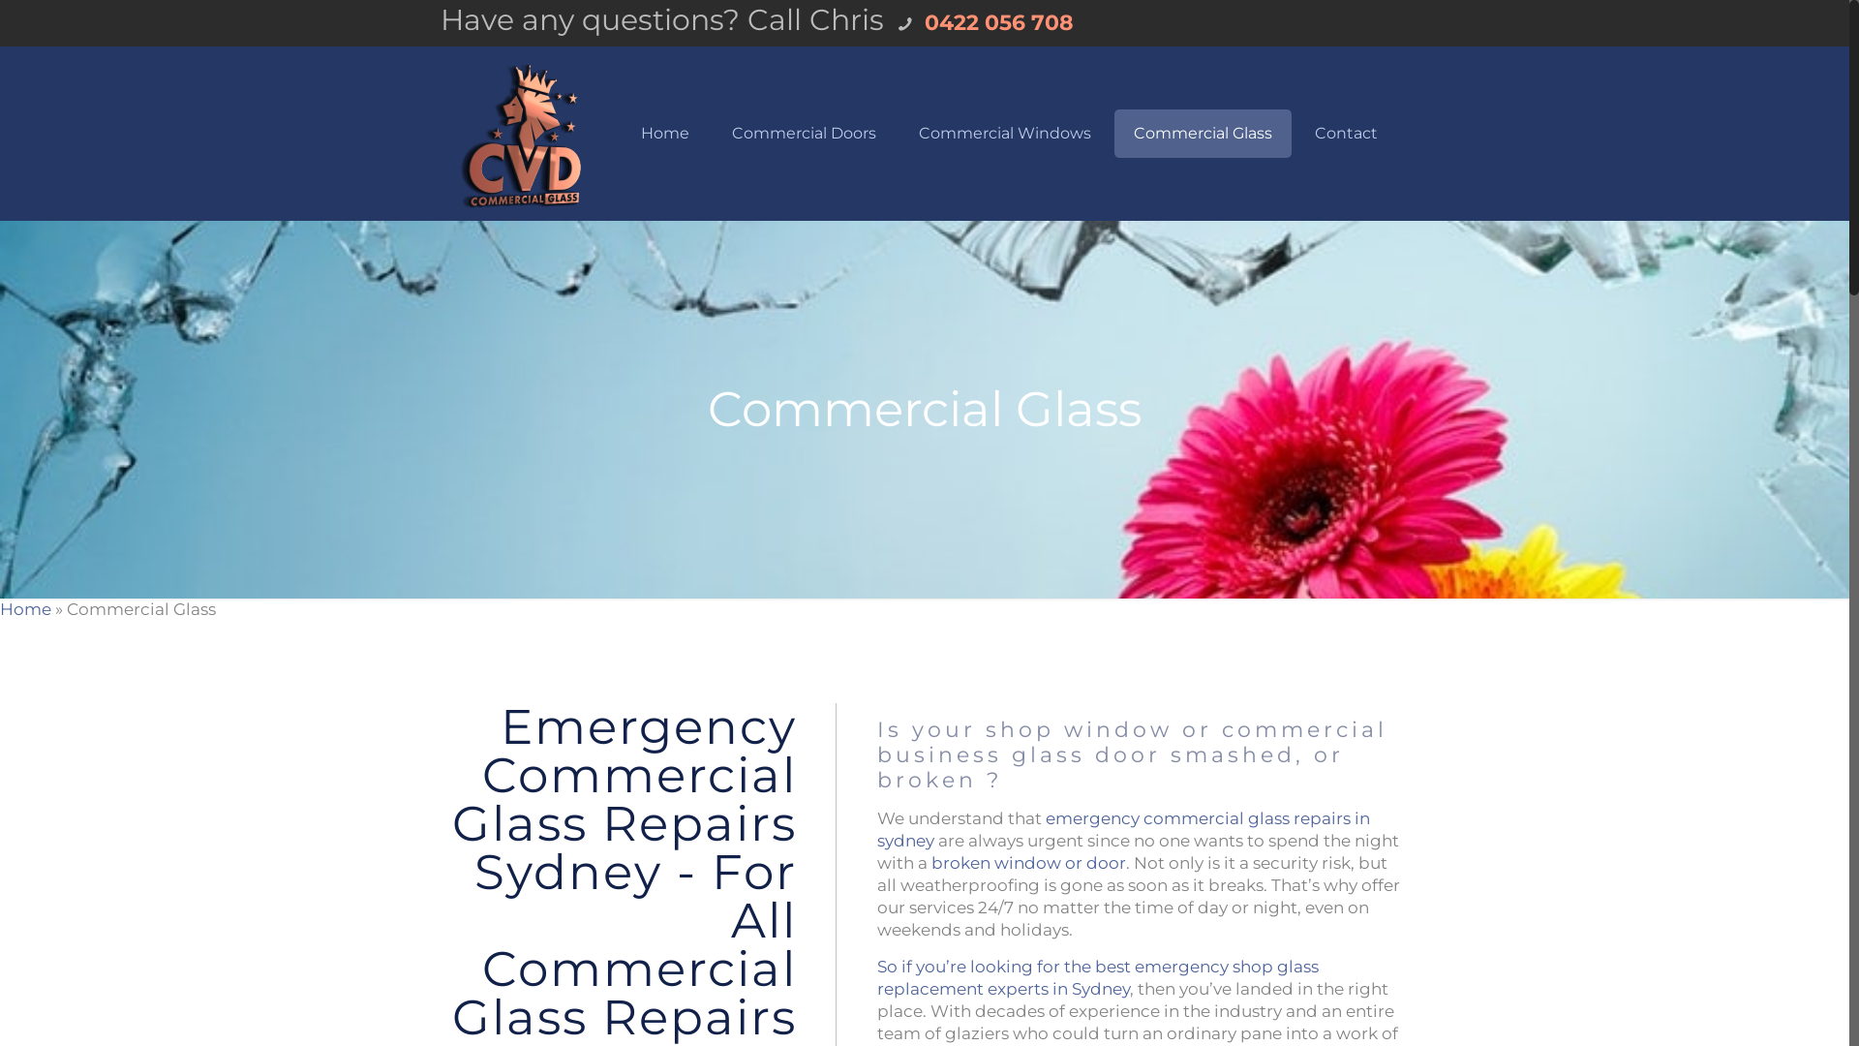 This screenshot has height=1046, width=1859. I want to click on 'Home', so click(25, 607).